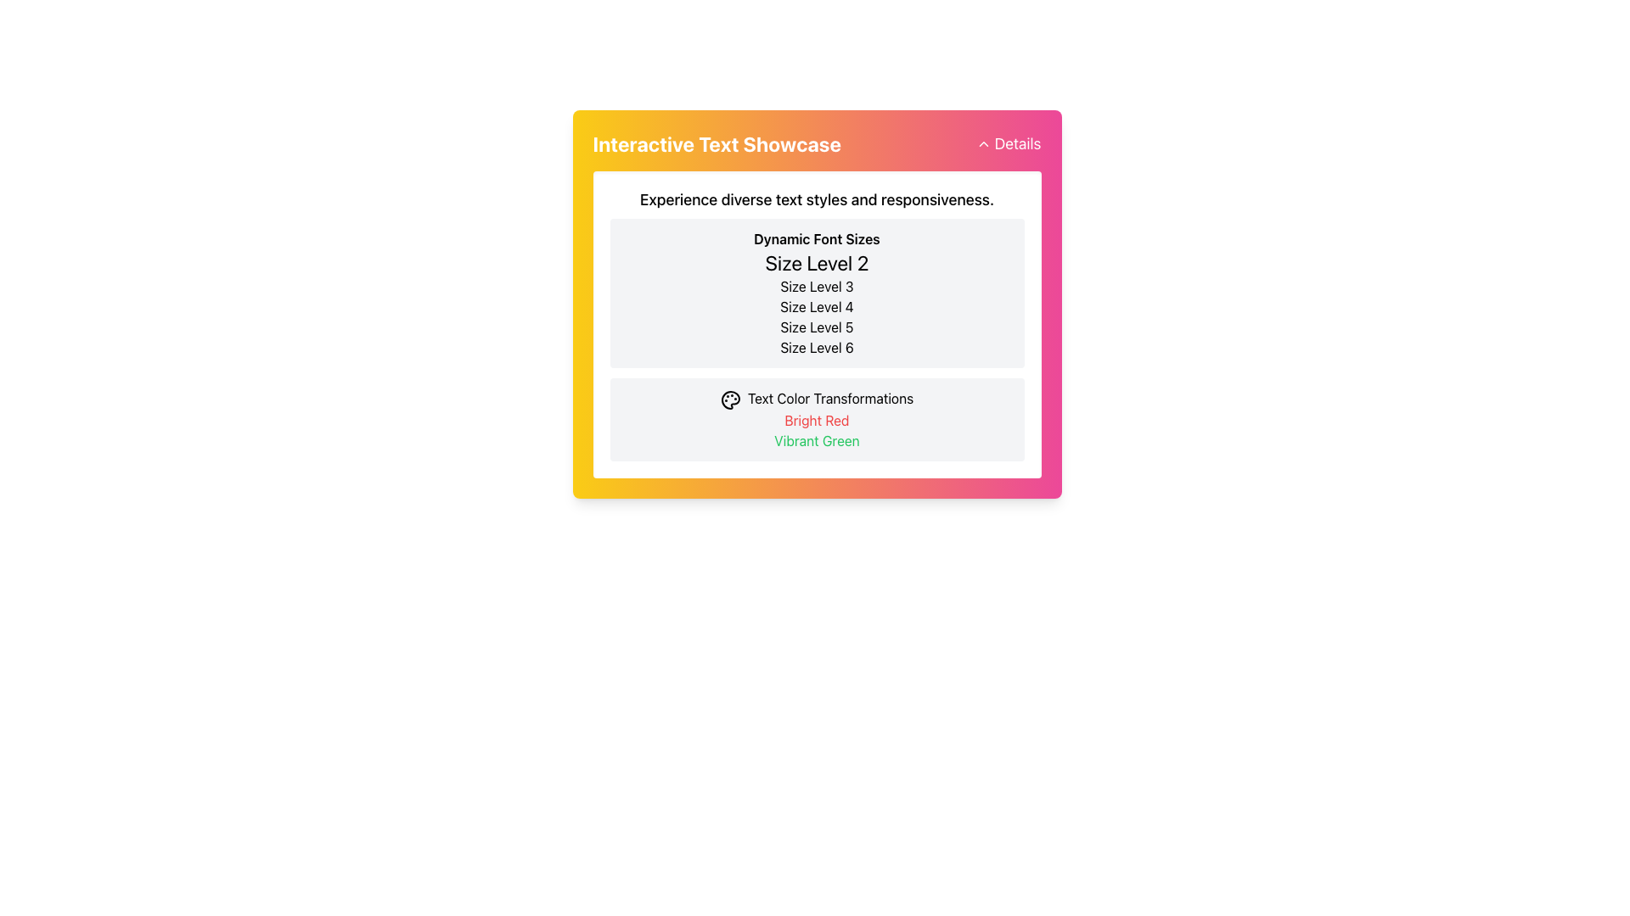 This screenshot has height=916, width=1630. Describe the element at coordinates (717, 142) in the screenshot. I see `the title text display located at the top-left section of the overlay card, which summarizes the card's content and is positioned next to the 'Details' link and the chevron icon` at that location.